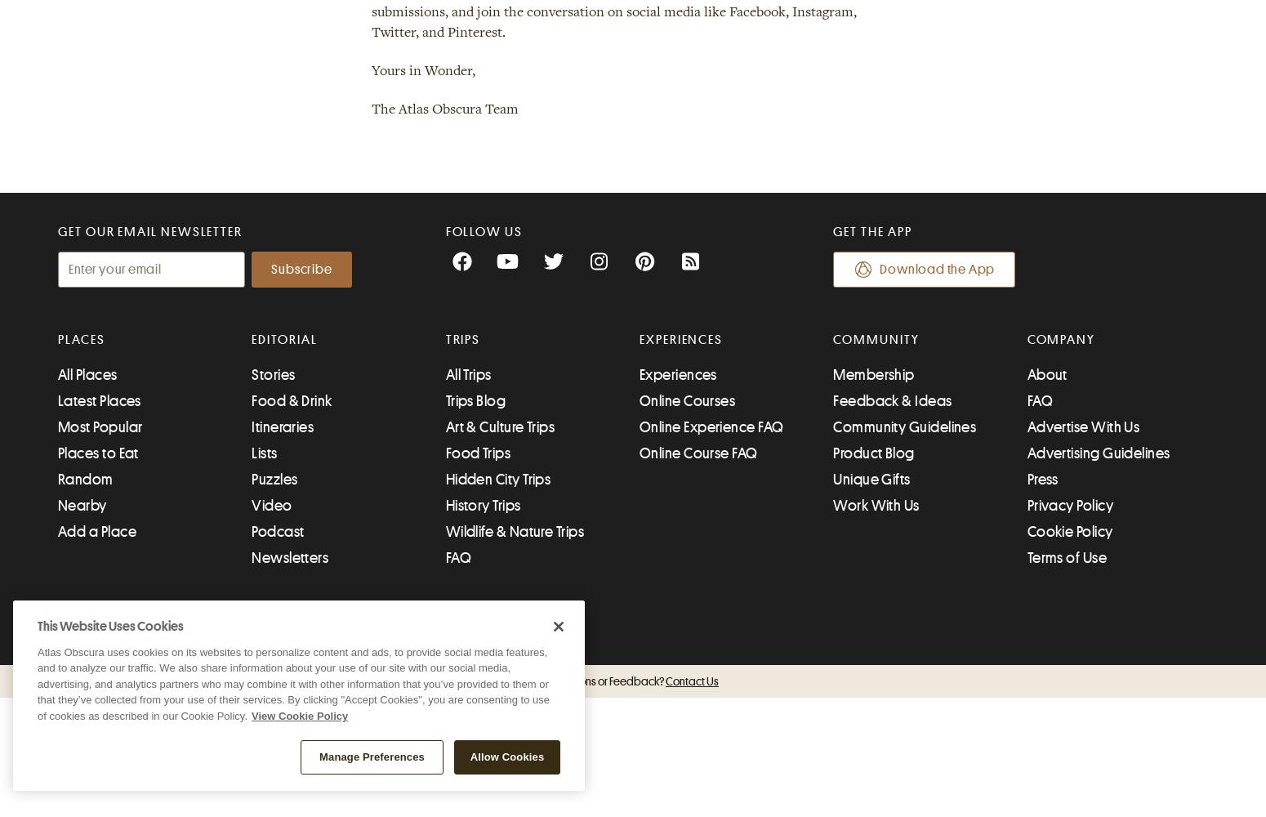 The width and height of the screenshot is (1266, 817). What do you see at coordinates (686, 400) in the screenshot?
I see `'Online Courses'` at bounding box center [686, 400].